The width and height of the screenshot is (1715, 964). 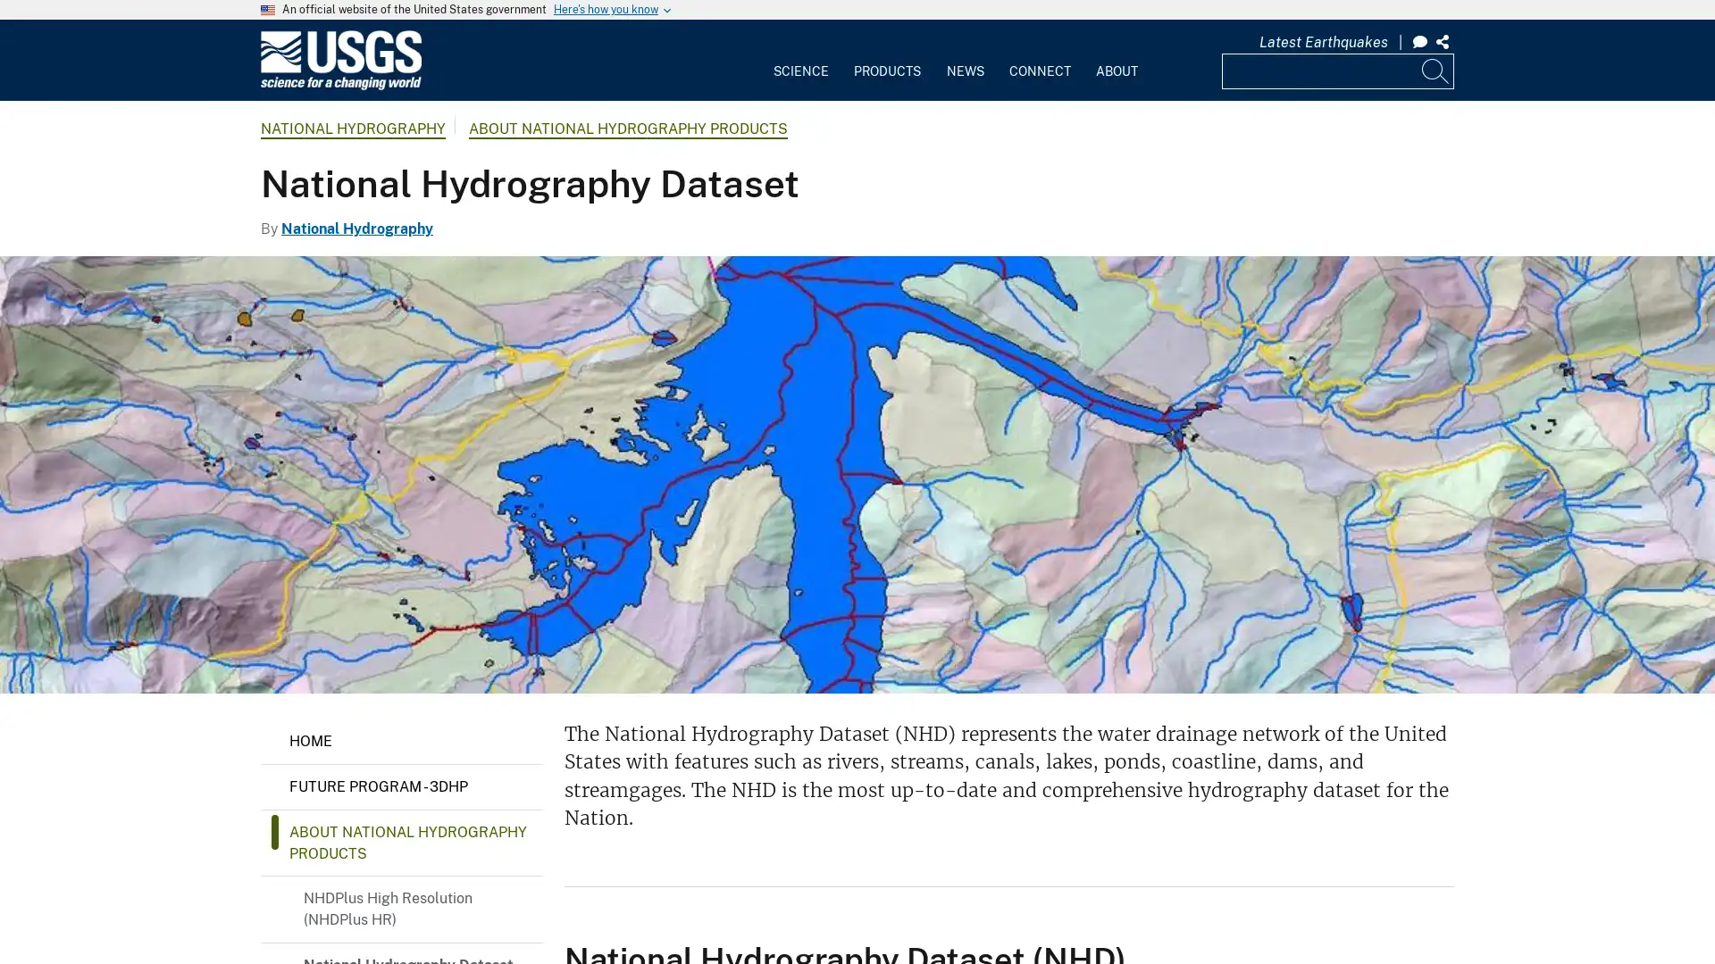 I want to click on Input, so click(x=1436, y=69).